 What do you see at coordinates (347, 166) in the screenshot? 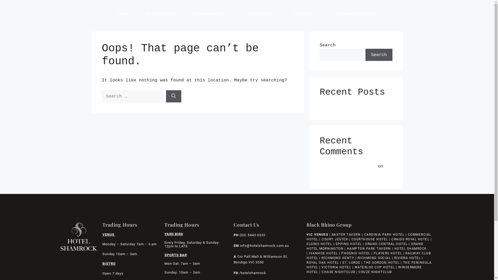
I see `'A WordPress Commenter'` at bounding box center [347, 166].